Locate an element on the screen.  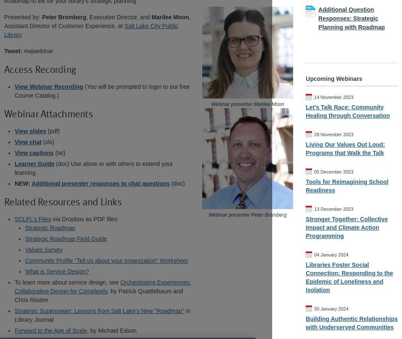
'Upcoming Webinars' is located at coordinates (334, 78).